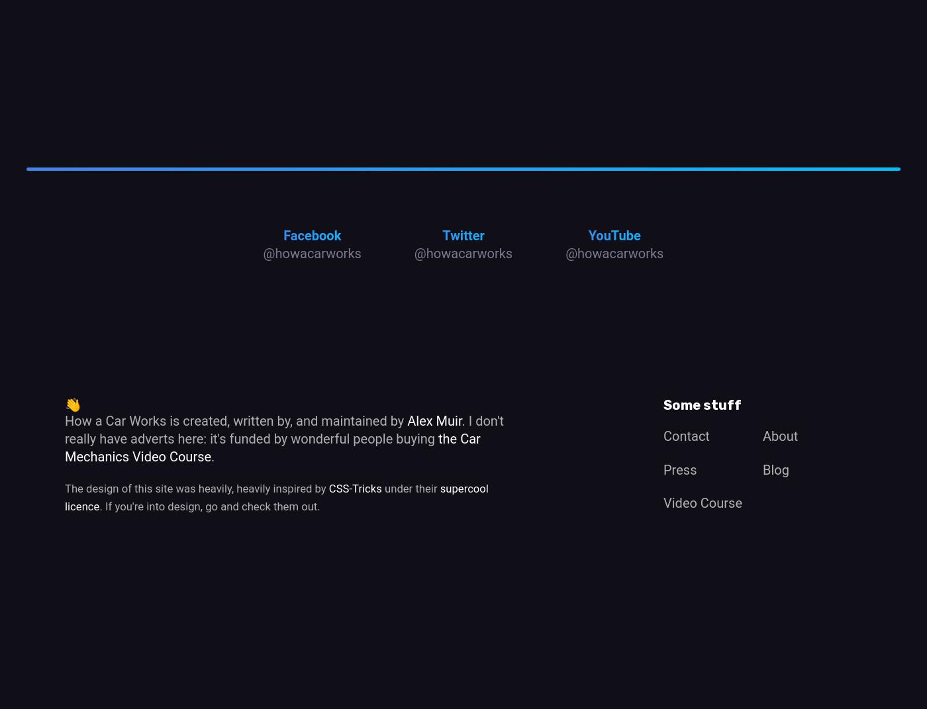 This screenshot has height=709, width=927. I want to click on 'Alex Muir', so click(407, 419).